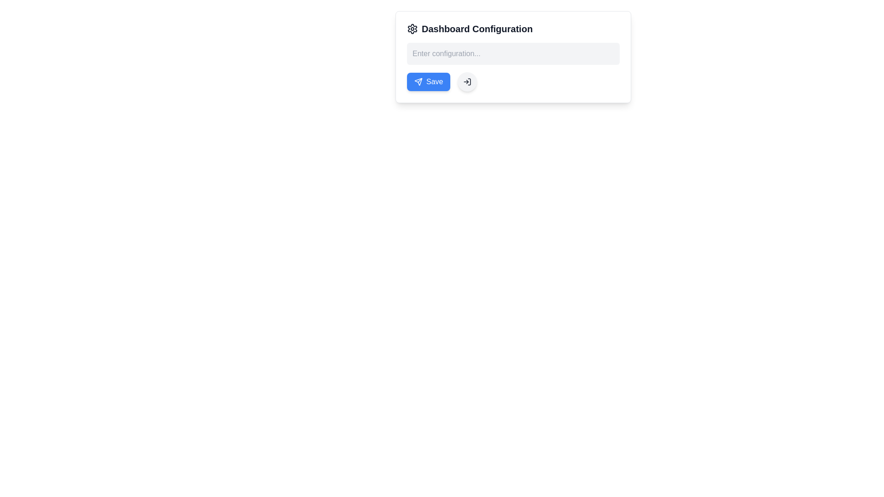 The width and height of the screenshot is (884, 497). What do you see at coordinates (418, 81) in the screenshot?
I see `the paper plane icon located to the left of the 'Save' button on the 'Dashboard Configuration' interface` at bounding box center [418, 81].